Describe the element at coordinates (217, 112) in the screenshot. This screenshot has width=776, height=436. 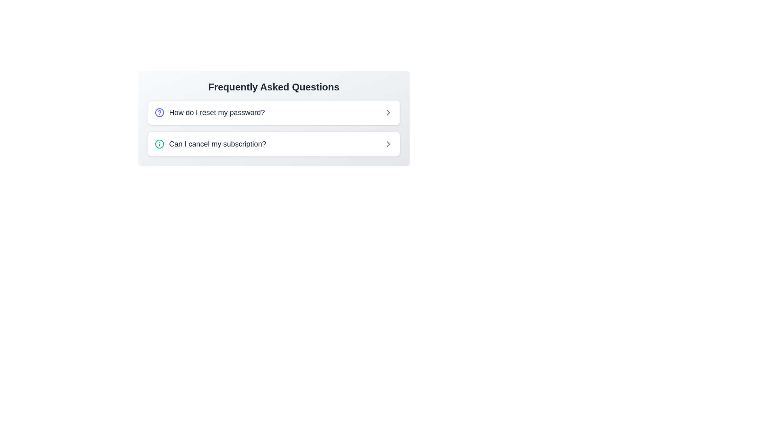
I see `the text label reading 'How do I reset my password?'` at that location.